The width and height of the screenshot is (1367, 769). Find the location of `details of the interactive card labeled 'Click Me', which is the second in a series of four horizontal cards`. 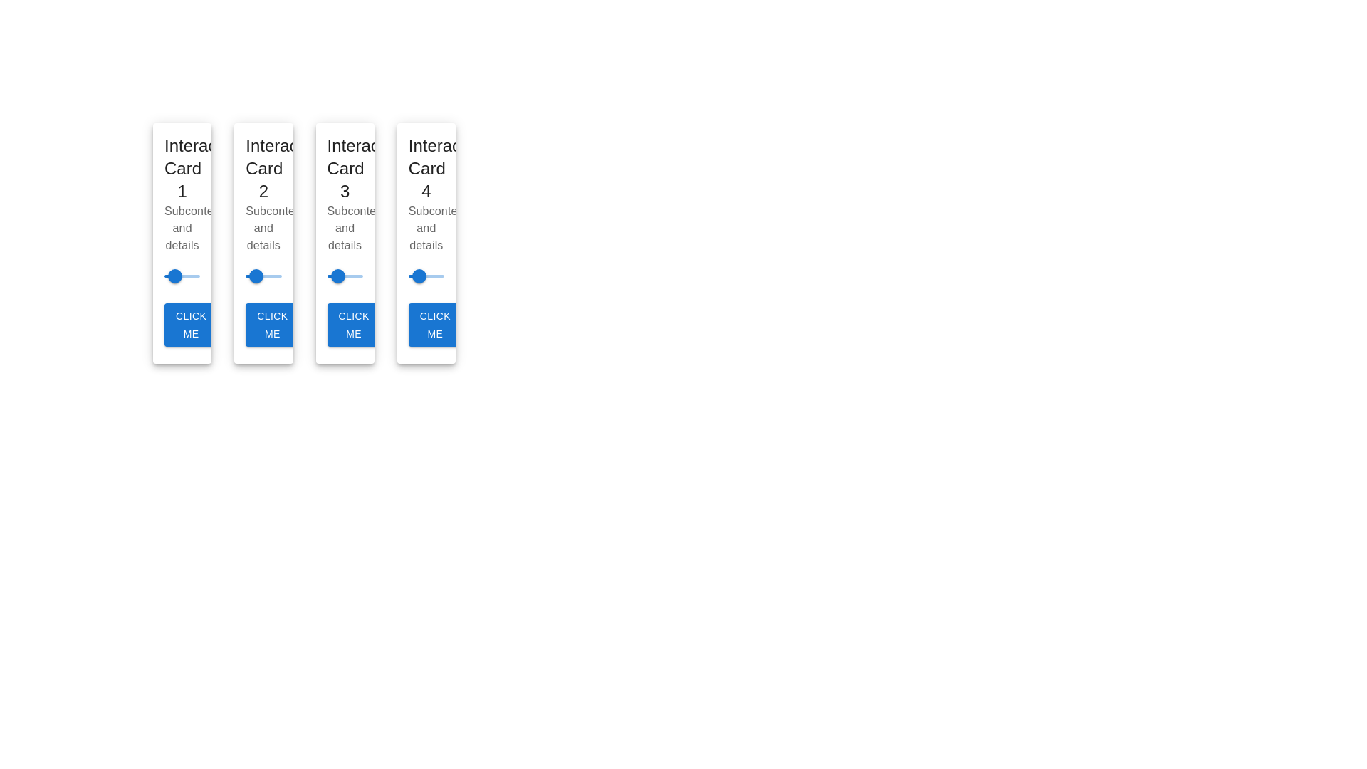

details of the interactive card labeled 'Click Me', which is the second in a series of four horizontal cards is located at coordinates (263, 243).